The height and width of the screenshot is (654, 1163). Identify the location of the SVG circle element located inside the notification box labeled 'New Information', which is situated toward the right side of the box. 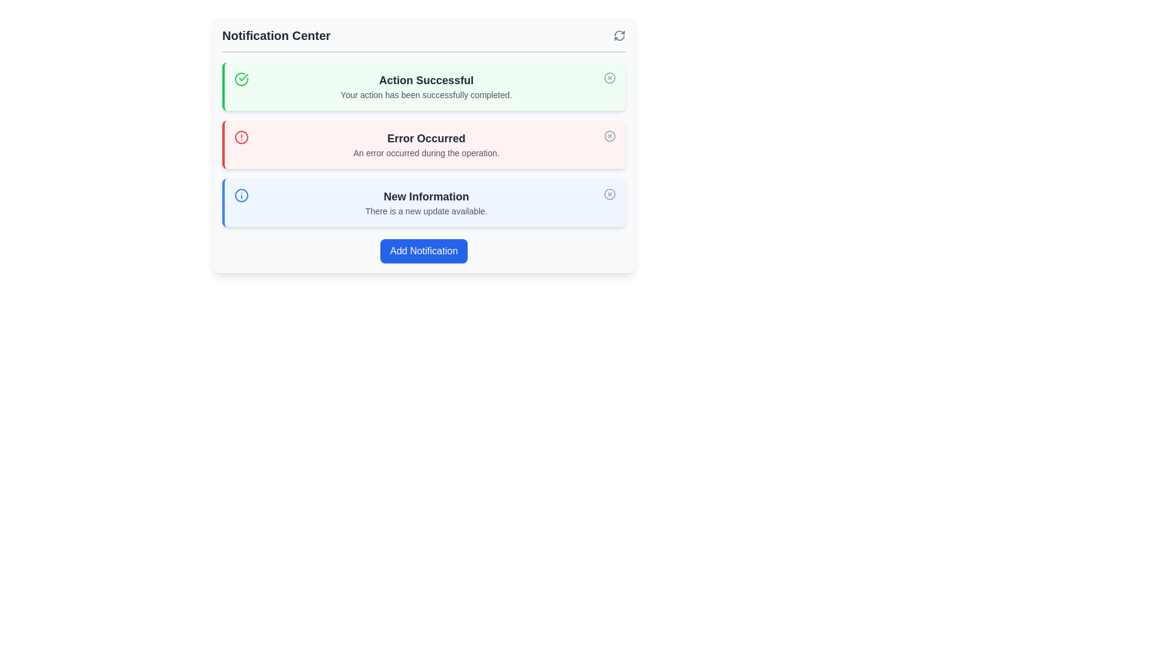
(610, 193).